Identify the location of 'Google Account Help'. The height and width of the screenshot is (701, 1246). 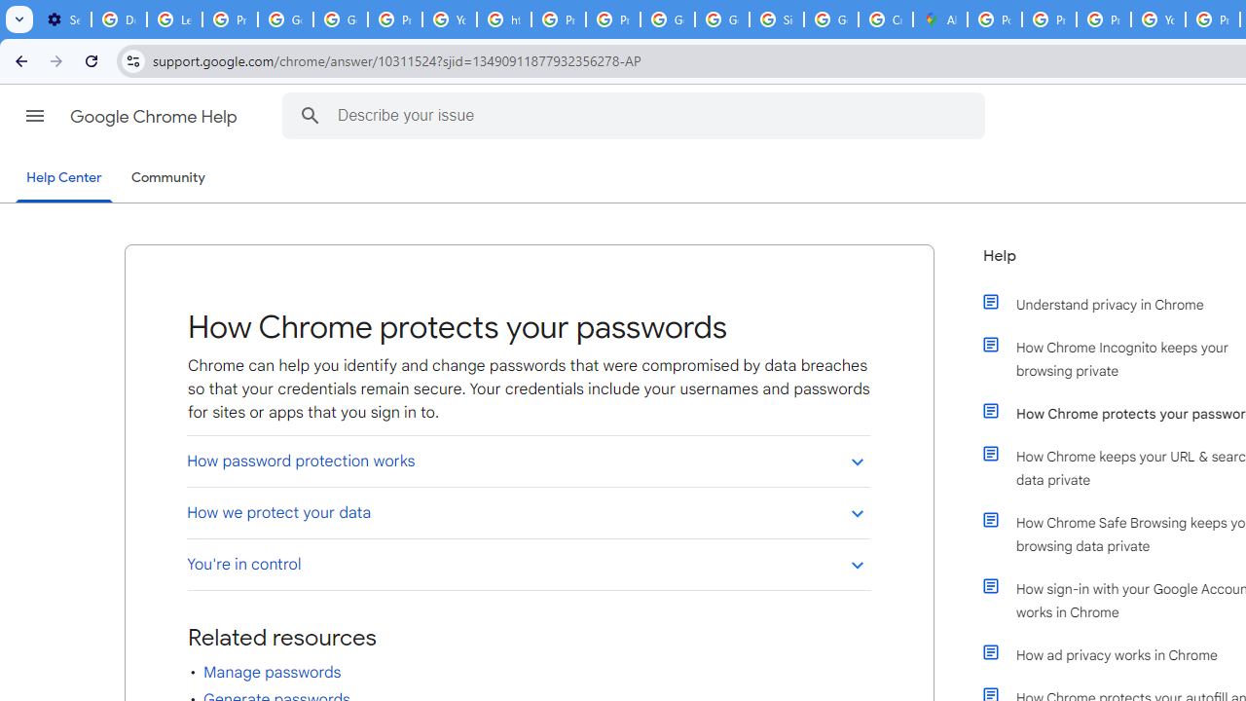
(284, 19).